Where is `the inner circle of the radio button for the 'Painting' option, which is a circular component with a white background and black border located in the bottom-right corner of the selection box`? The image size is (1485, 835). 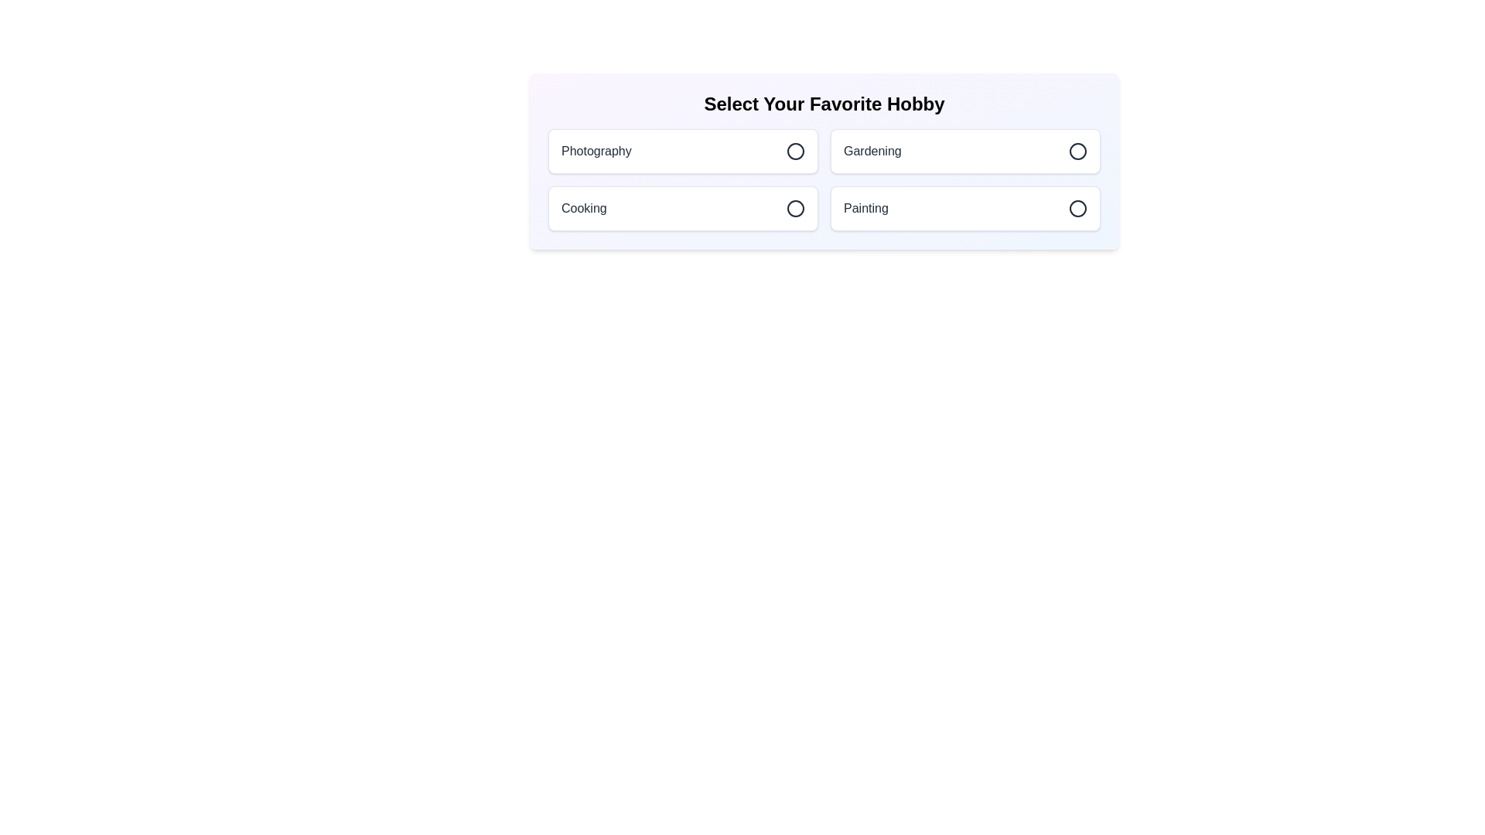
the inner circle of the radio button for the 'Painting' option, which is a circular component with a white background and black border located in the bottom-right corner of the selection box is located at coordinates (1077, 209).